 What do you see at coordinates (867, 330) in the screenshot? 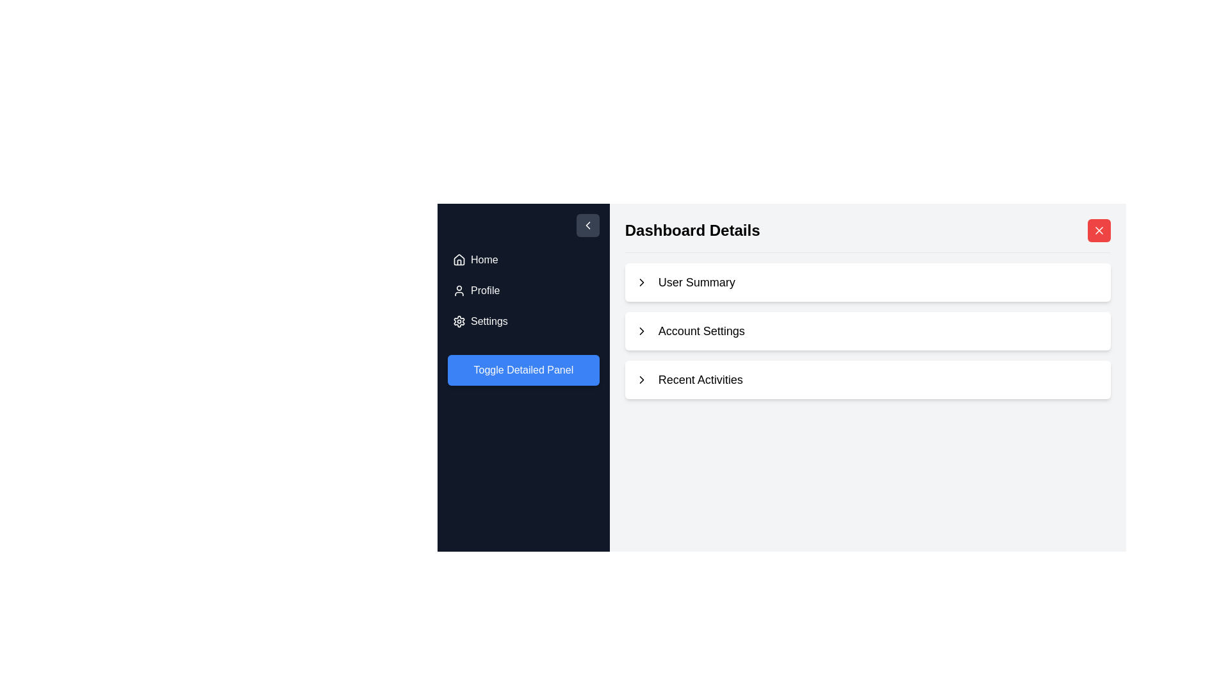
I see `the 'Account Settings' button, which is the second item in a vertically stacked list of three items` at bounding box center [867, 330].